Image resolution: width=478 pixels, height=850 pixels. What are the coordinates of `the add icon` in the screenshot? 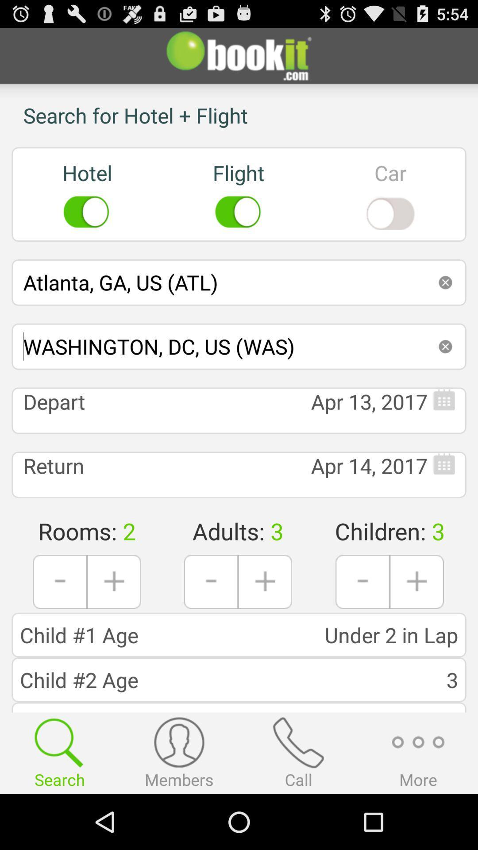 It's located at (264, 622).